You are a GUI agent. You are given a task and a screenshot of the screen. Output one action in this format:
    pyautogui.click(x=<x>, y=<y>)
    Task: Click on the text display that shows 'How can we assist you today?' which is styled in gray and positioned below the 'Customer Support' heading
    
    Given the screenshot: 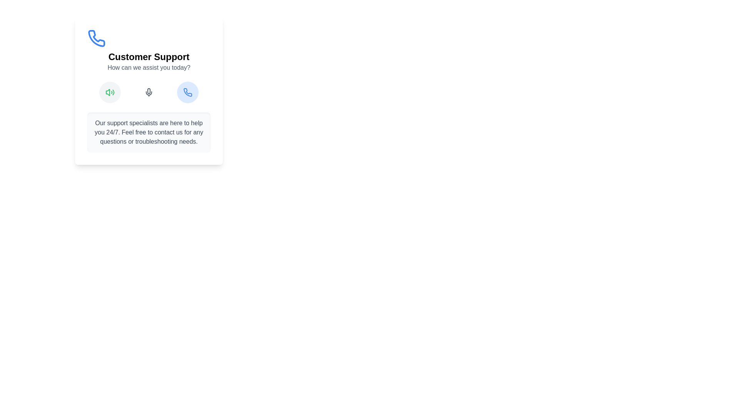 What is the action you would take?
    pyautogui.click(x=149, y=67)
    